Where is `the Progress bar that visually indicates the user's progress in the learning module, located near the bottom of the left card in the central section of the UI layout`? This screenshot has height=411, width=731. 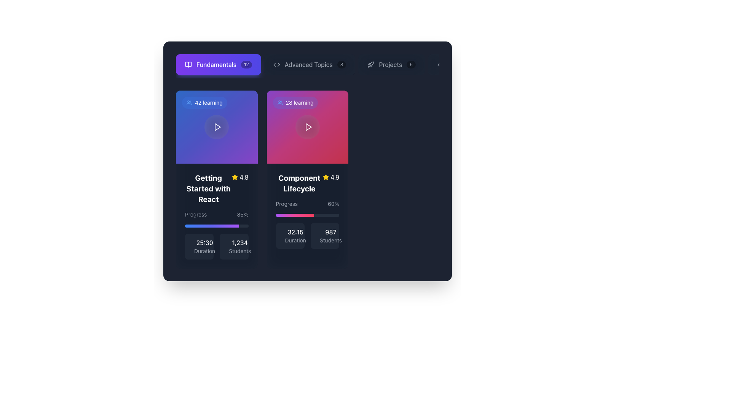 the Progress bar that visually indicates the user's progress in the learning module, located near the bottom of the left card in the central section of the UI layout is located at coordinates (212, 226).